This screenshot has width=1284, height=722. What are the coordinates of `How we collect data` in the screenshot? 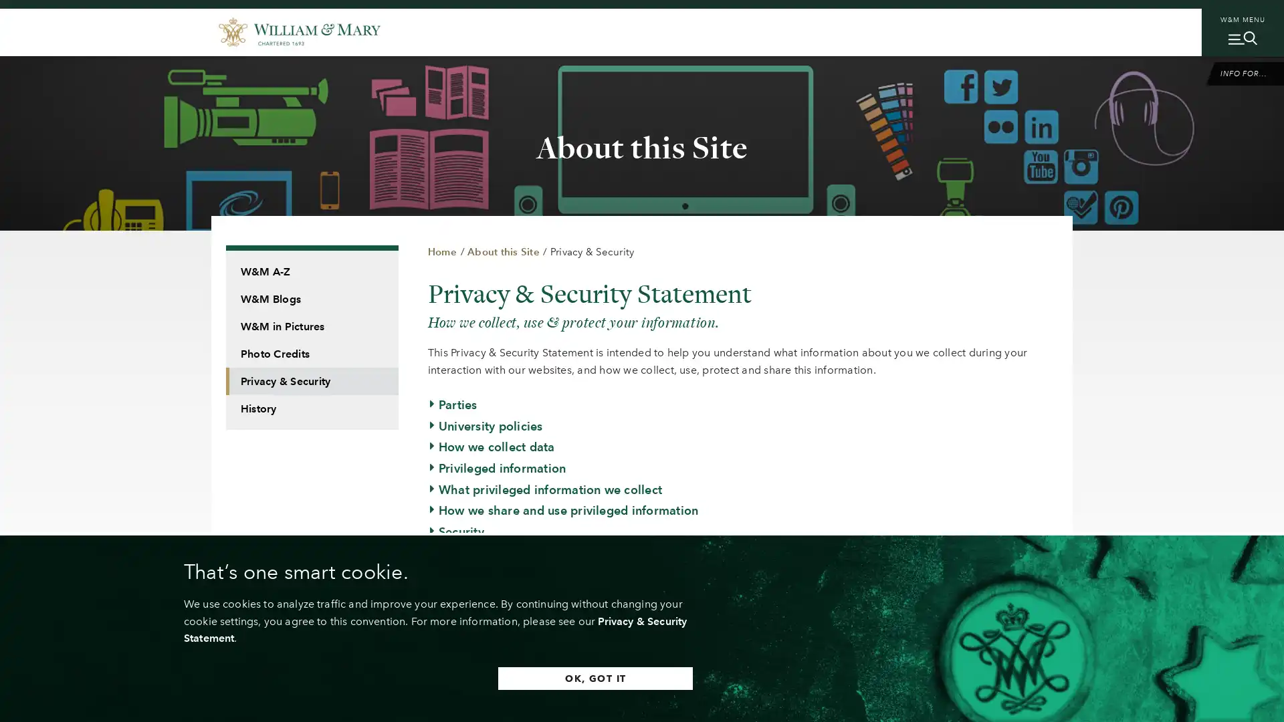 It's located at (490, 447).